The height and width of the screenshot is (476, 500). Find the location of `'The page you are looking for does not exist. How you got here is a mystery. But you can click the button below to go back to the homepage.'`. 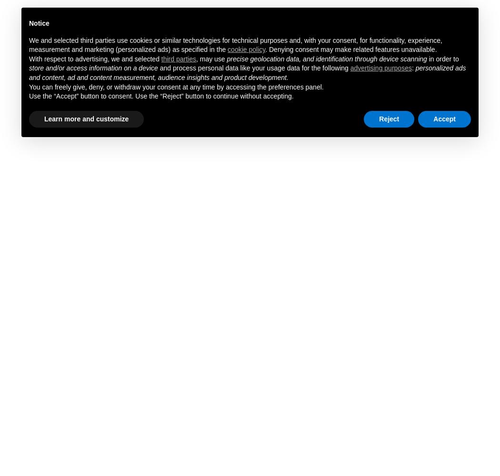

'The page you are looking for does not exist. How you got here is a mystery. But you can click the button below to go back to the homepage.' is located at coordinates (364, 271).